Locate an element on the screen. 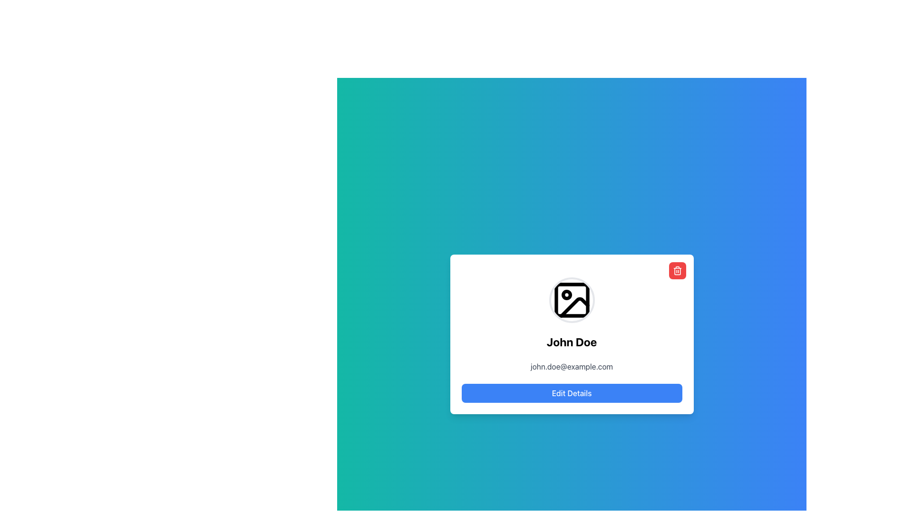  the blue rectangular button labeled 'Edit Details' to trigger visual feedback is located at coordinates (571, 393).